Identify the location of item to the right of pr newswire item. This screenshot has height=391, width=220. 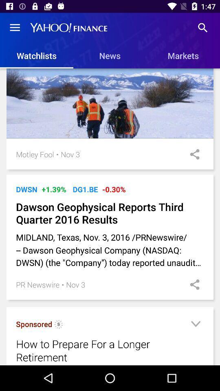
(62, 284).